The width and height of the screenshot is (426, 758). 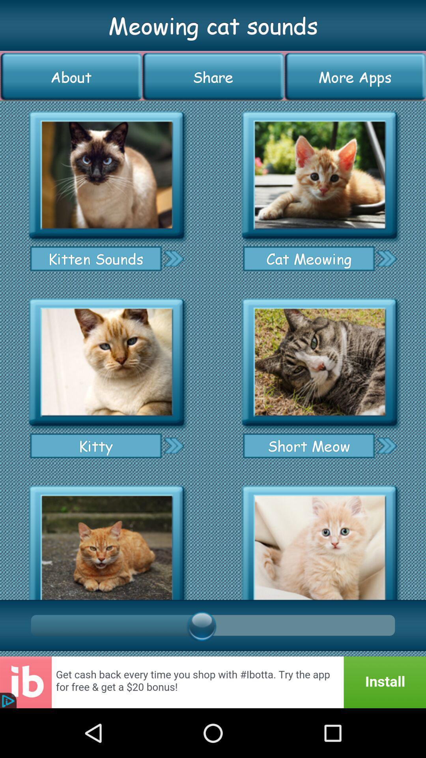 I want to click on icon to the right of about button, so click(x=213, y=77).